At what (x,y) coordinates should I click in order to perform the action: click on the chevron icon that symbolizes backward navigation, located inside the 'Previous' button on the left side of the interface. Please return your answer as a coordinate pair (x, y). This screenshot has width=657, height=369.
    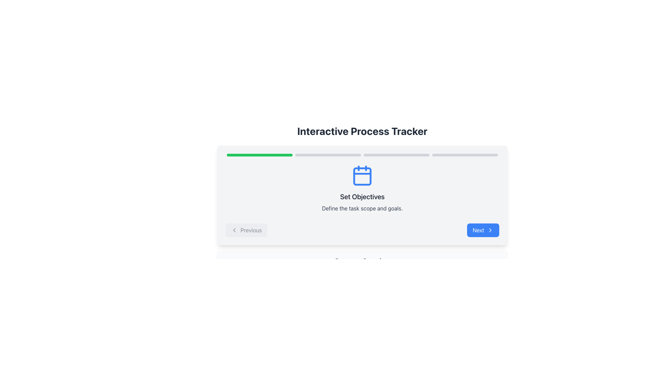
    Looking at the image, I should click on (234, 230).